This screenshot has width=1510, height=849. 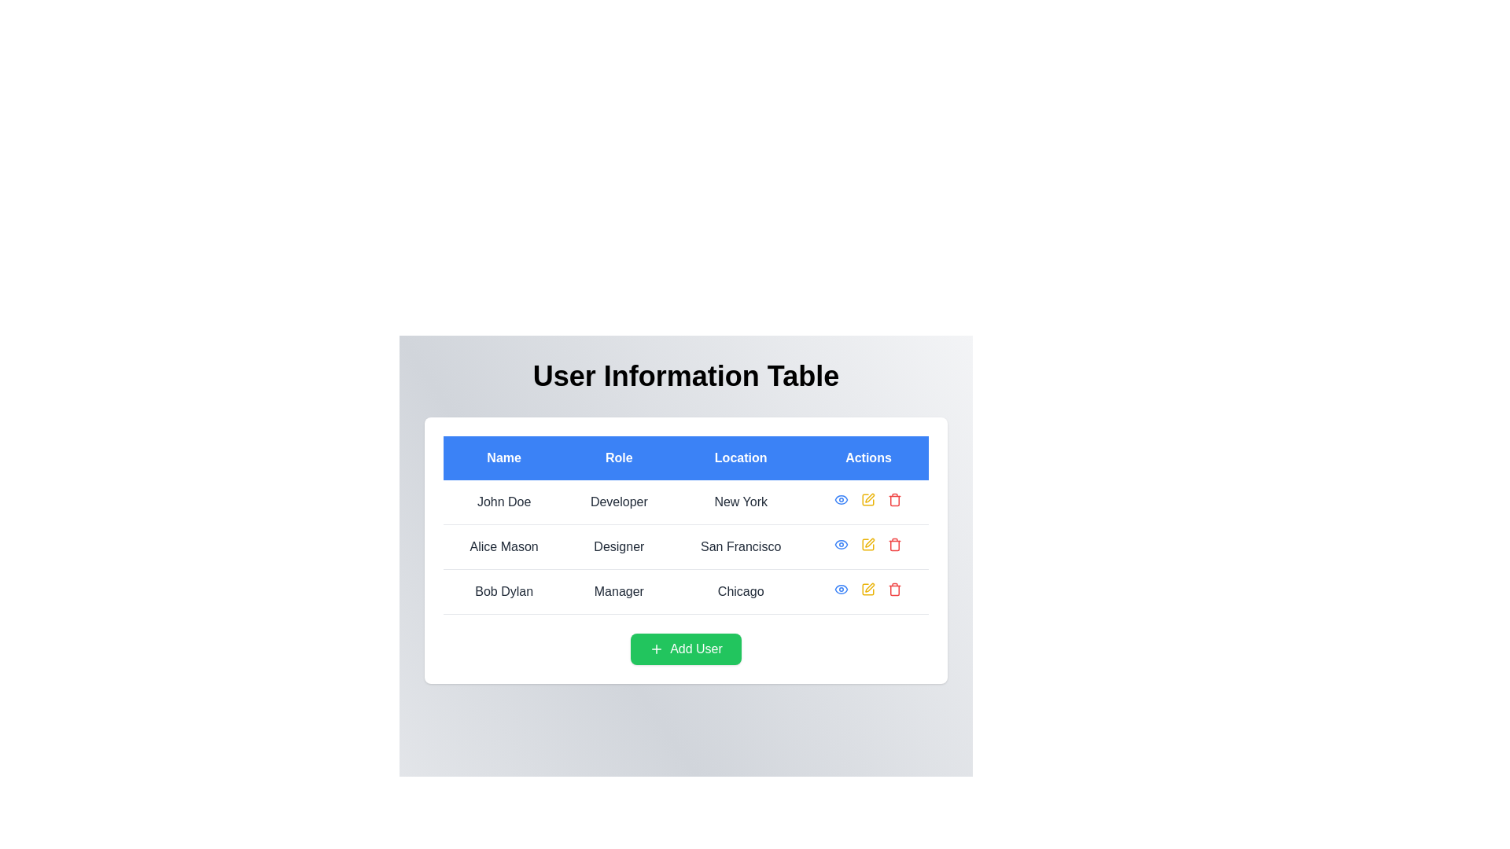 I want to click on the text label that reads 'Developer', which is located in the second column of the user information table, between 'John Doe' and 'New York', so click(x=618, y=502).